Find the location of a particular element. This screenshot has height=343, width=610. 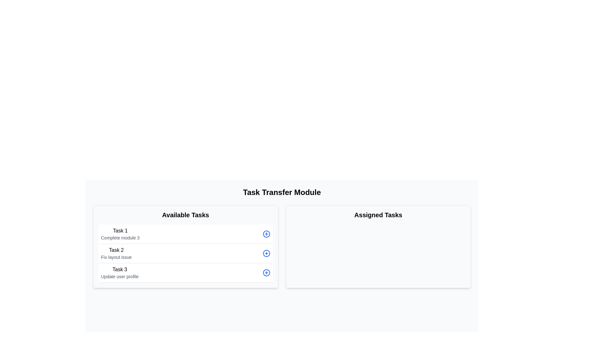

the circular boundary of the 'circle-plus' icon, which represents an additive action, located adjacent to the third task entry in the 'Available Tasks' column is located at coordinates (266, 272).